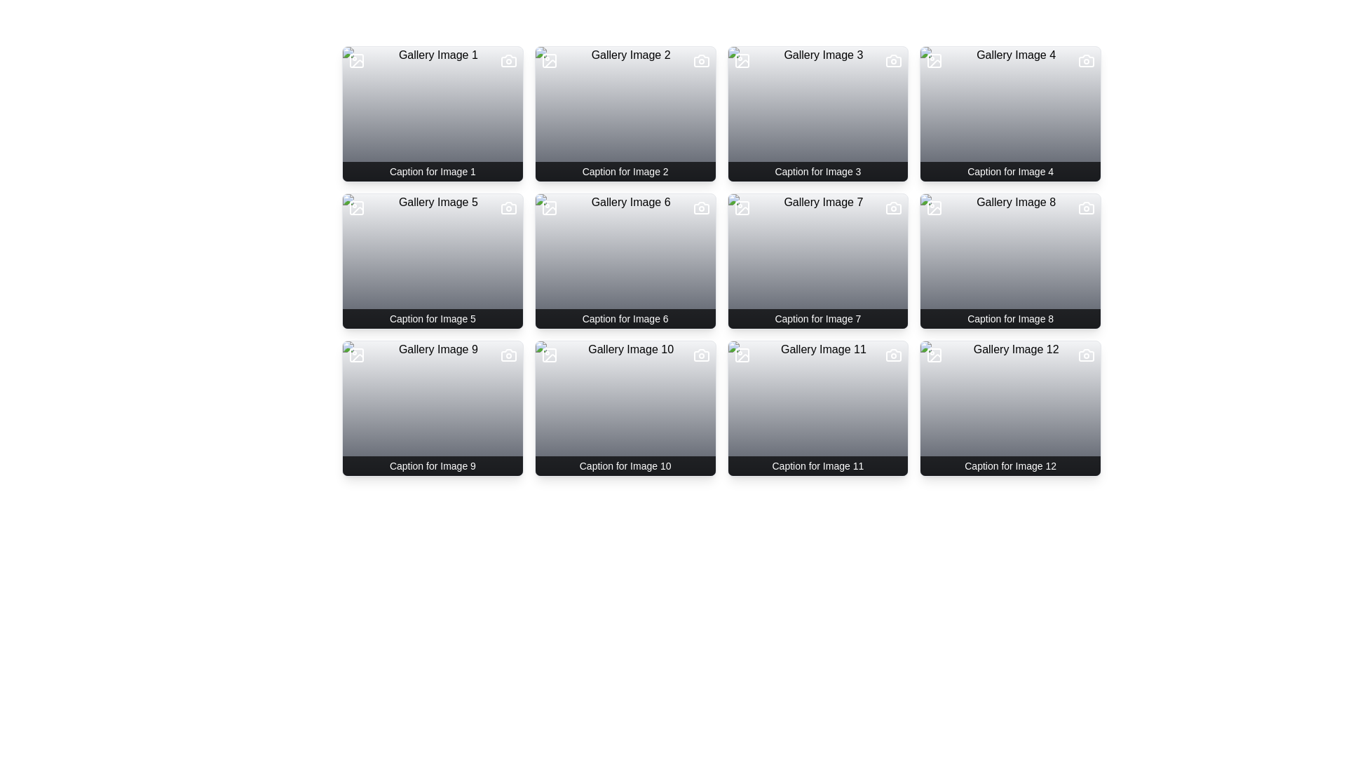  Describe the element at coordinates (1010, 113) in the screenshot. I see `to select the gallery item which is the fourth item in a grid layout, located in the first row, fourth column, directly to the right of 'Caption for Image 3' and above 'Caption for Image 8'` at that location.